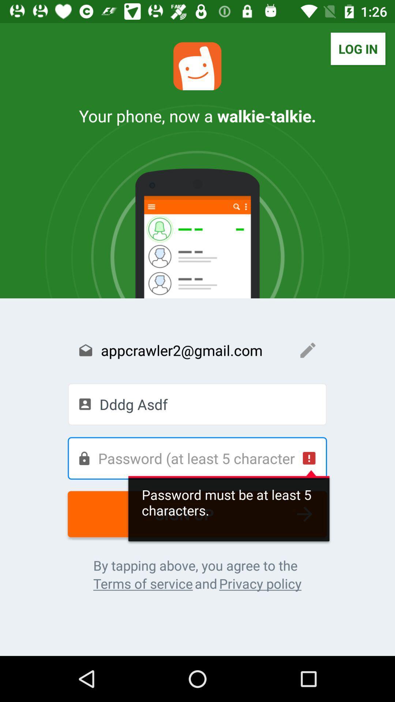  What do you see at coordinates (260, 583) in the screenshot?
I see `the item below by tapping above item` at bounding box center [260, 583].